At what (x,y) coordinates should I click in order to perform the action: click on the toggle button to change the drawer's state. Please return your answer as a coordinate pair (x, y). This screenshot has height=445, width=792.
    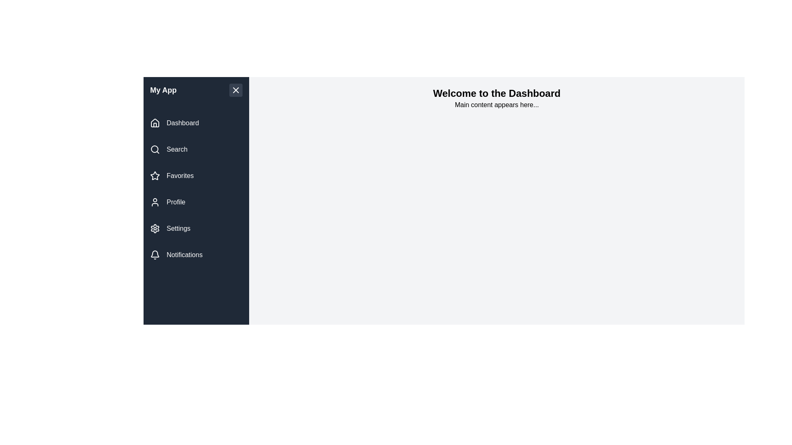
    Looking at the image, I should click on (235, 90).